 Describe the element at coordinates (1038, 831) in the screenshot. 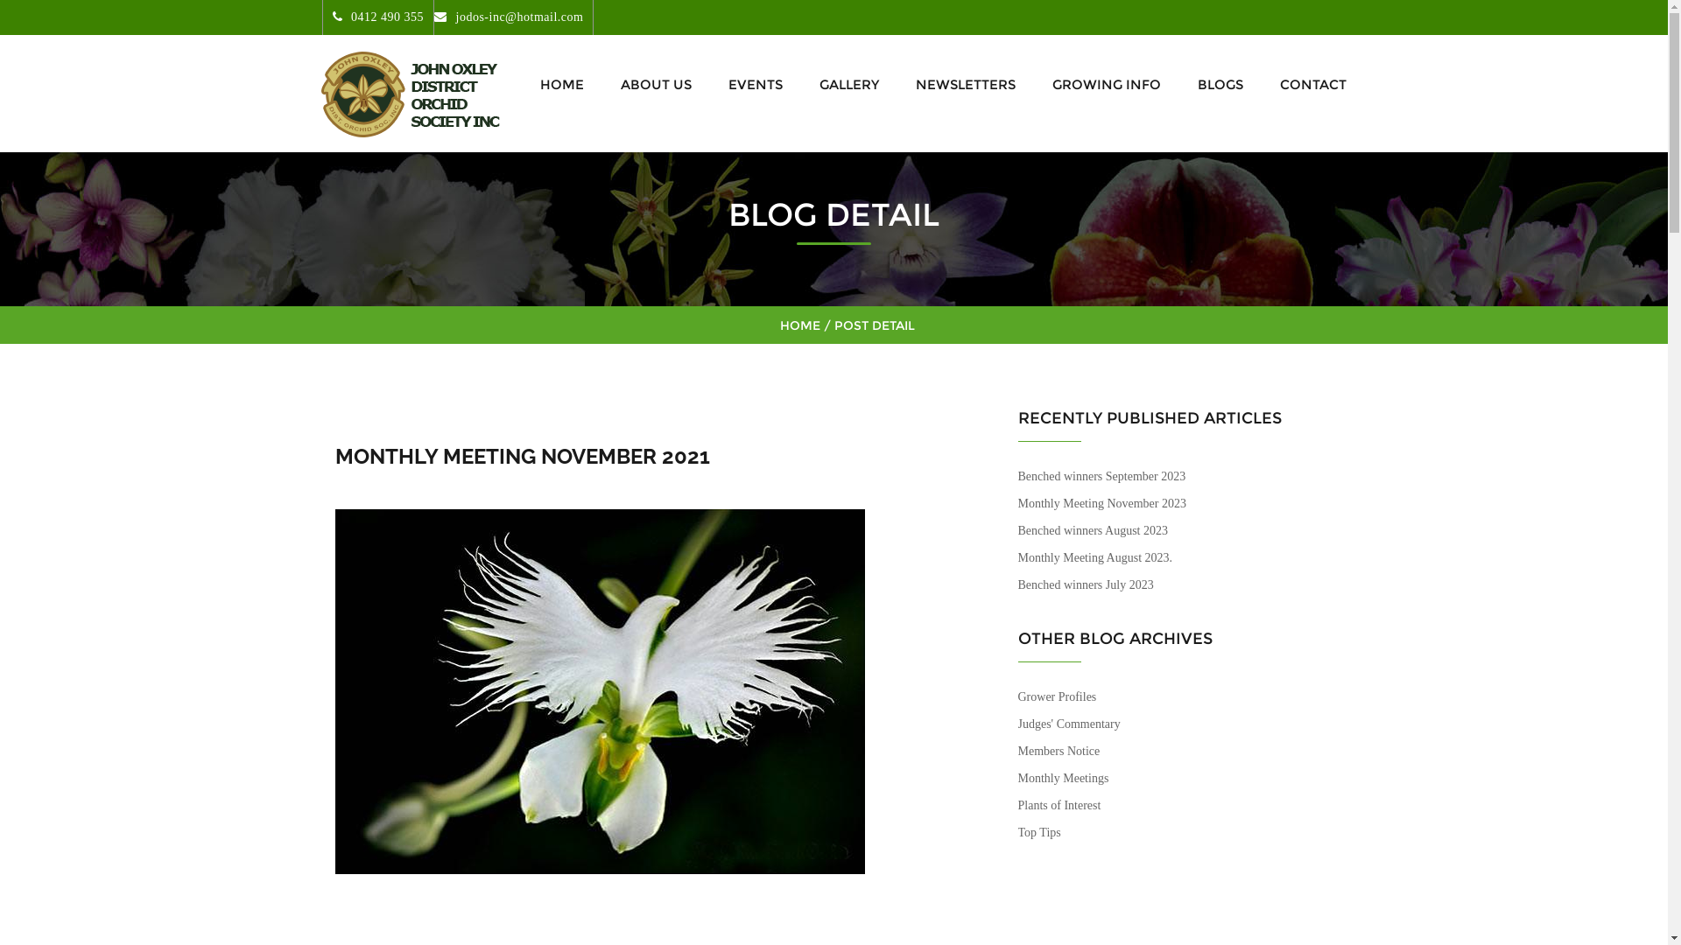

I see `'Top Tips'` at that location.